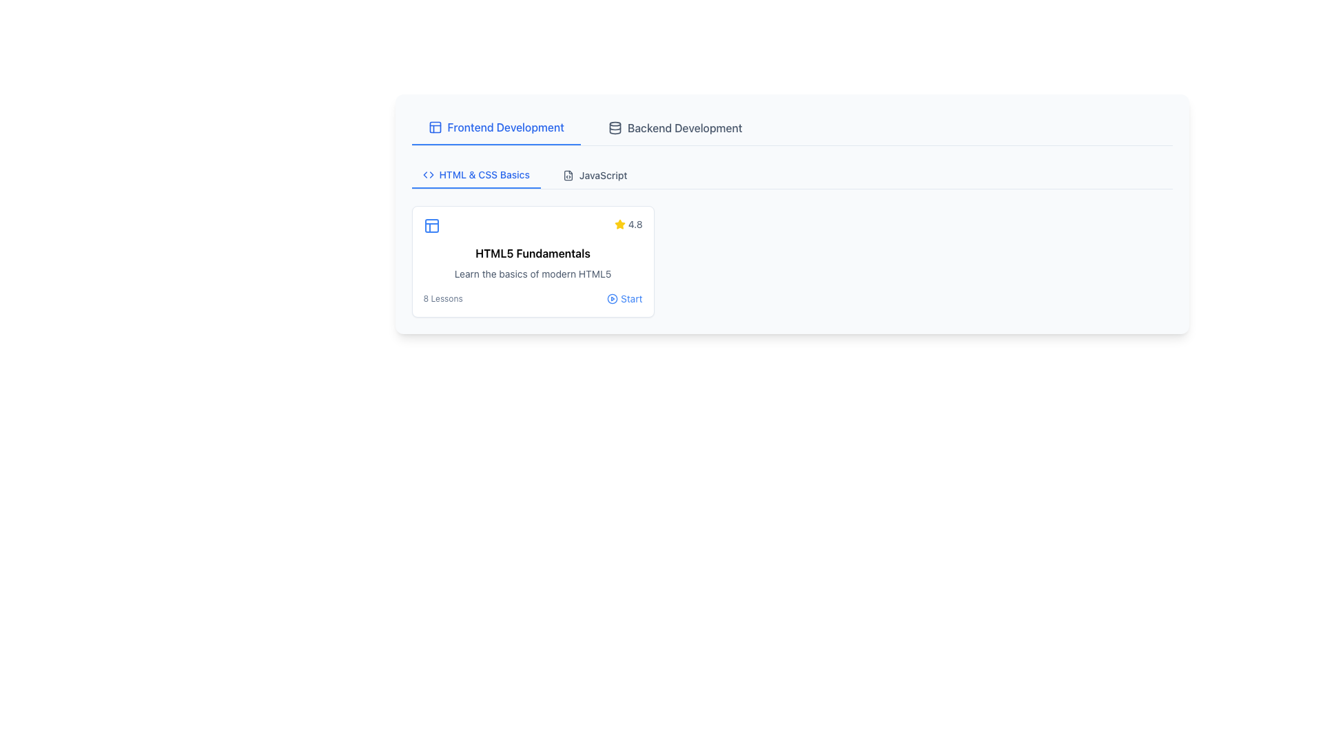 The height and width of the screenshot is (744, 1323). What do you see at coordinates (434, 127) in the screenshot?
I see `the icon that visually represents the 'Frontend Development' section in the navigation bar, positioned to the left of the corresponding tab label` at bounding box center [434, 127].